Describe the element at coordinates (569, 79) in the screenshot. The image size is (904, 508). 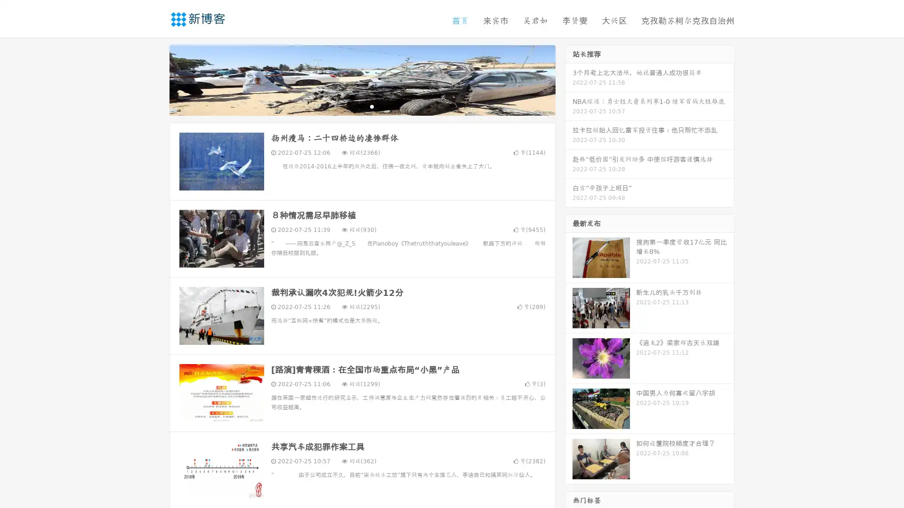
I see `Next slide` at that location.